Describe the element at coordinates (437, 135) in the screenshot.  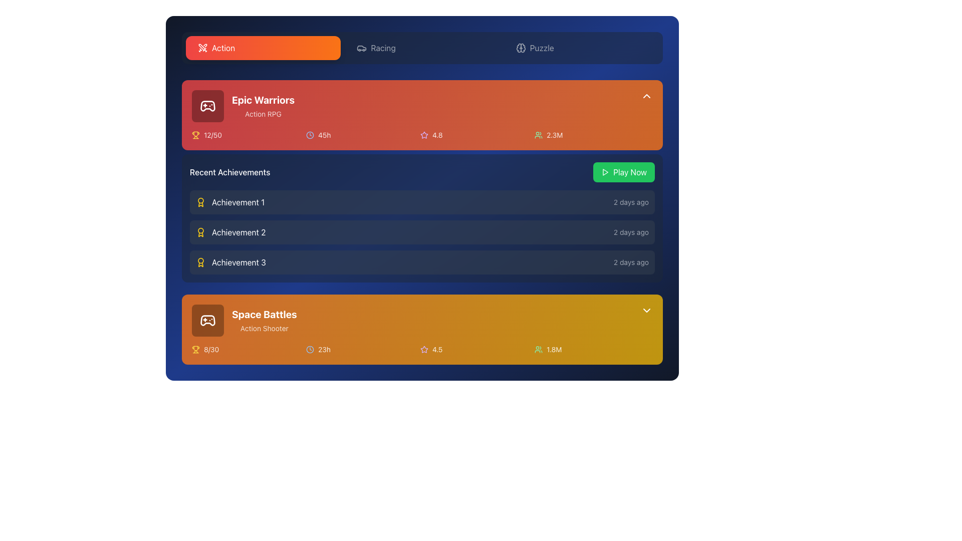
I see `the numeric text label '4.8' which is styled with a white color on a red or orange gradient background, aligned next to a star icon in the top orange card section denoting 'Epic Warriors'` at that location.